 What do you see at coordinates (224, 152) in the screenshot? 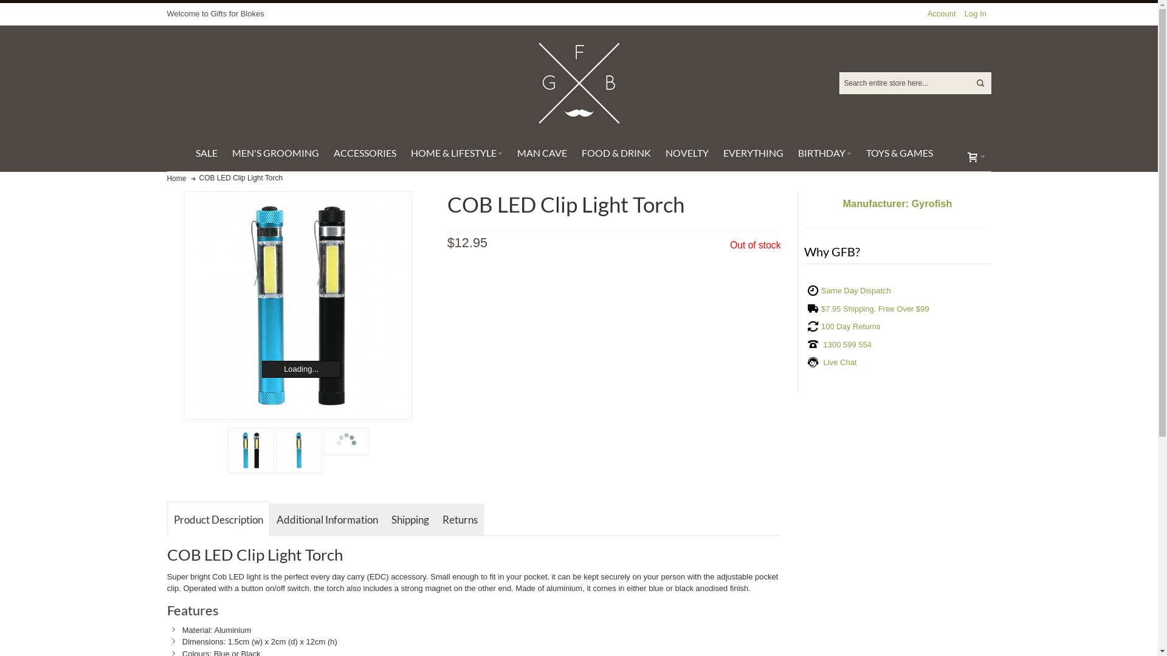
I see `'MEN'S GROOMING'` at bounding box center [224, 152].